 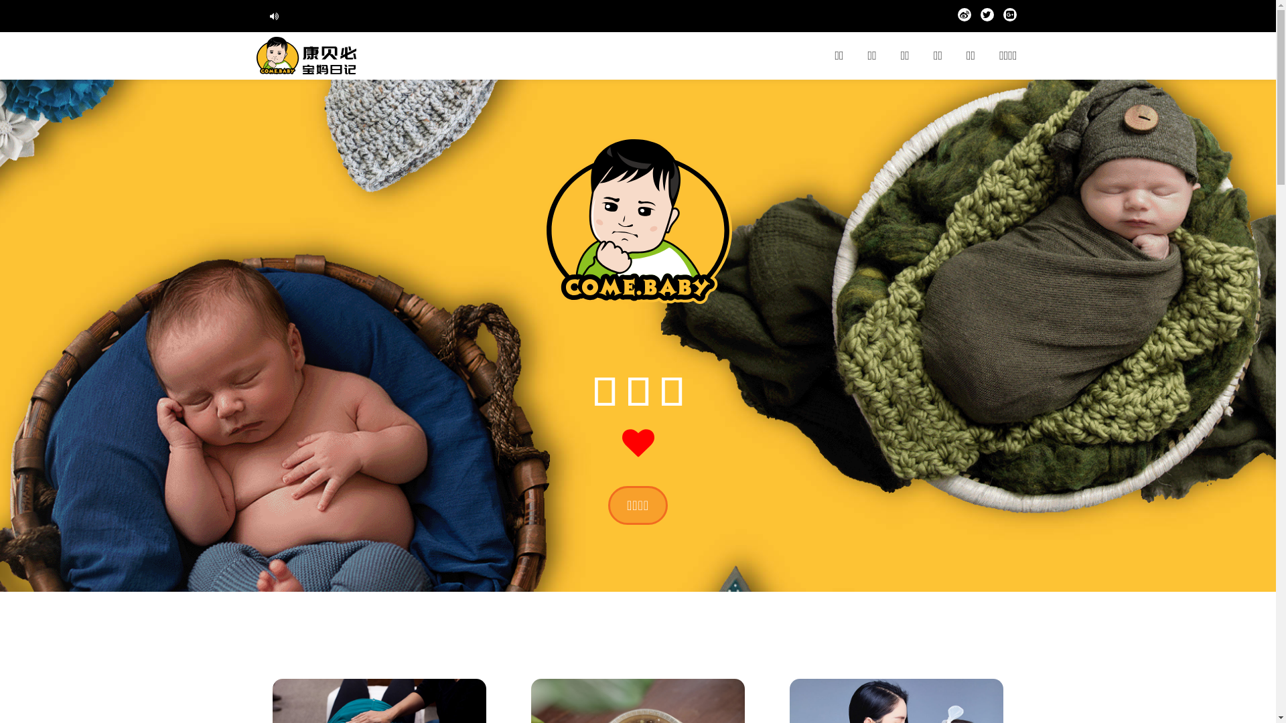 What do you see at coordinates (987, 17) in the screenshot?
I see `'fa-twitter'` at bounding box center [987, 17].